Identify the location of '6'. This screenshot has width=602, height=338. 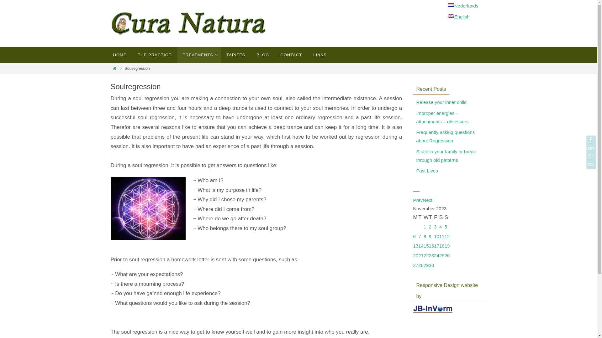
(413, 237).